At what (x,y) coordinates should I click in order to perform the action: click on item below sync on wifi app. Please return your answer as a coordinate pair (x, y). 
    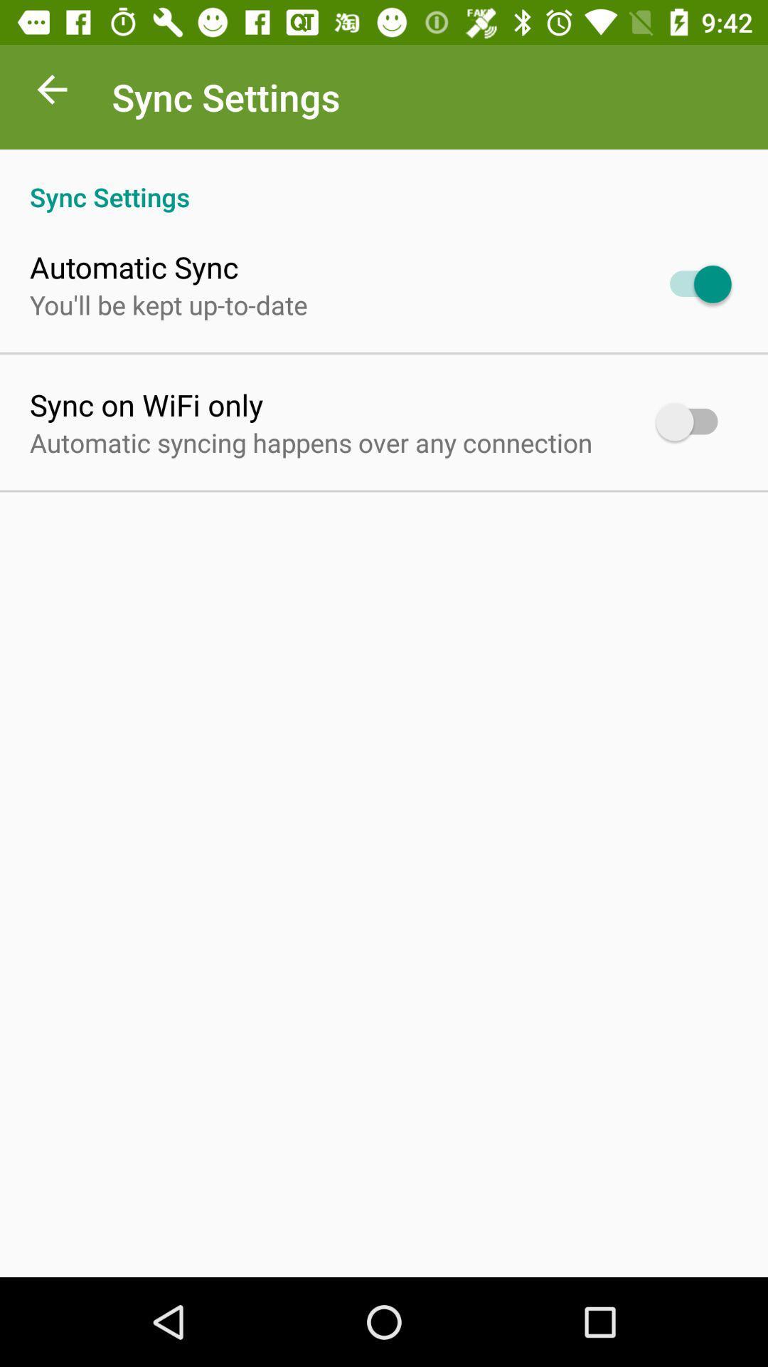
    Looking at the image, I should click on (310, 441).